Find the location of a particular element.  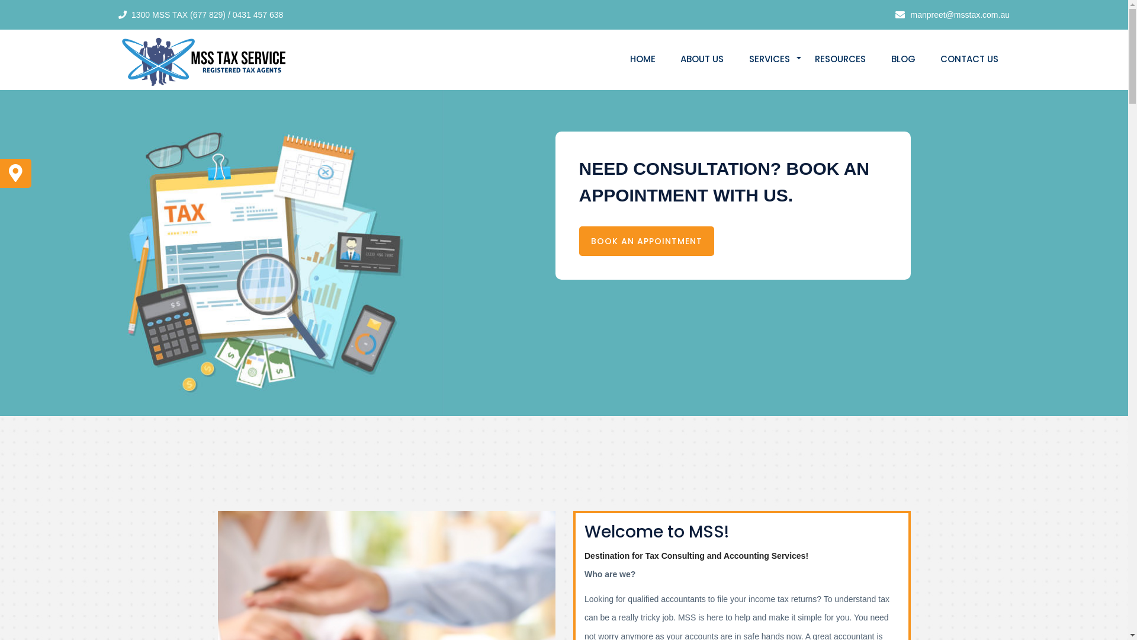

'BOOK AN APPOINTMENT' is located at coordinates (646, 241).